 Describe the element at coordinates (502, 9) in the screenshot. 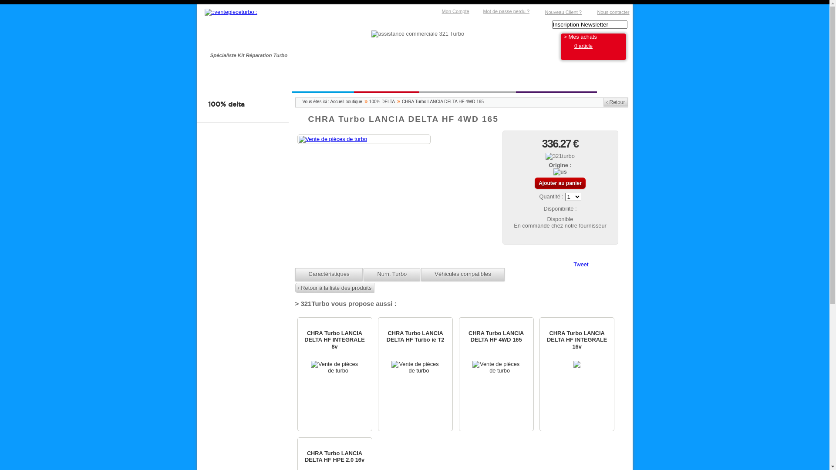

I see `'Mot de passe perdu ?'` at that location.